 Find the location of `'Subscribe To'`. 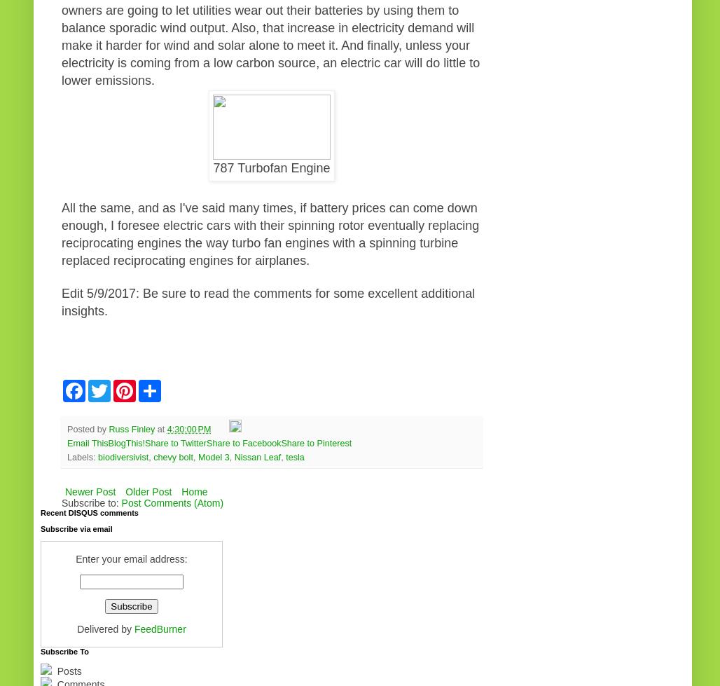

'Subscribe To' is located at coordinates (64, 650).